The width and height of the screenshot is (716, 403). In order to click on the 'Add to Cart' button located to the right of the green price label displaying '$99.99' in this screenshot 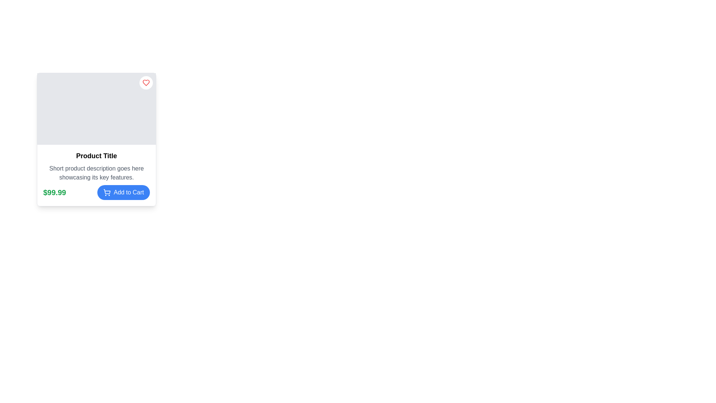, I will do `click(123, 192)`.